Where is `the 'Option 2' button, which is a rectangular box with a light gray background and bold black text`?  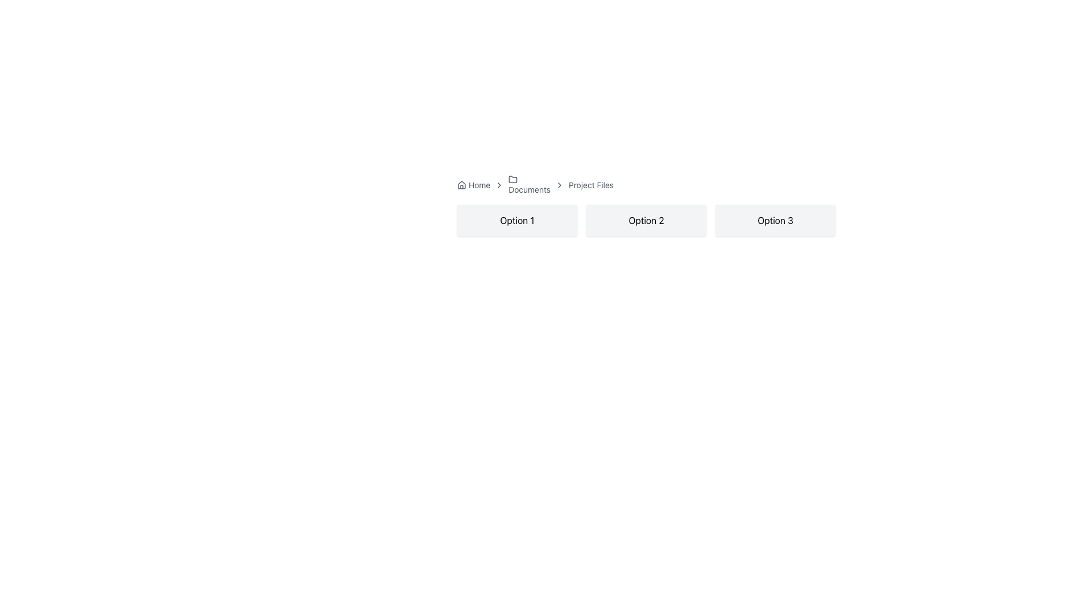 the 'Option 2' button, which is a rectangular box with a light gray background and bold black text is located at coordinates (646, 221).